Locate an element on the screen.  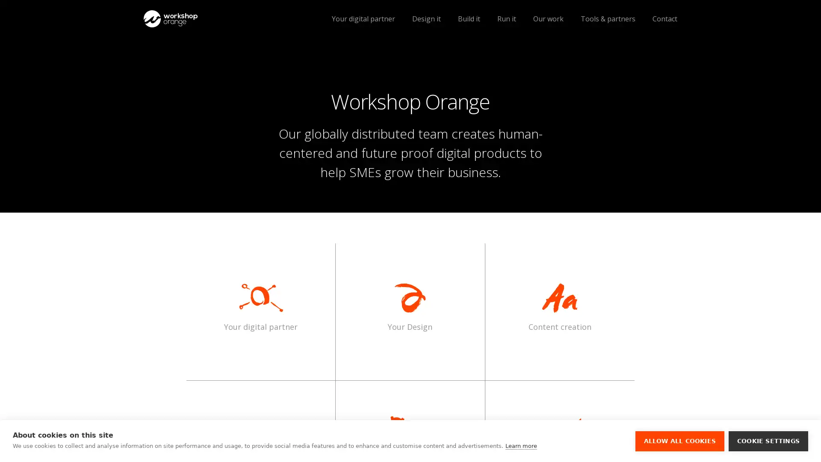
COOKIE SETTINGS is located at coordinates (768, 441).